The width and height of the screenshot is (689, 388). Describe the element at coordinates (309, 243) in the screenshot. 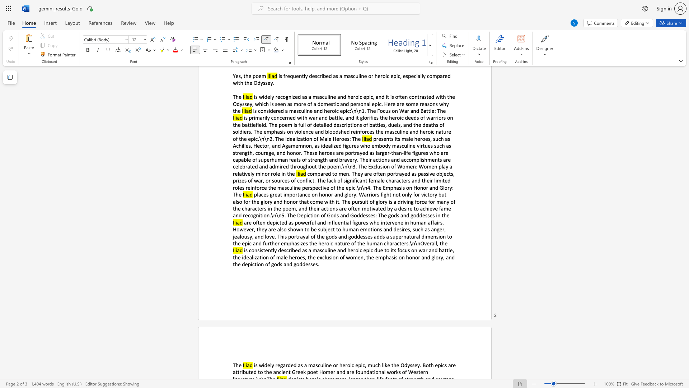

I see `the subset text "the heroic nature of the human charac" within the text "jealousy, and love. This portrayal of the gods and goddesses adds a supernatural dimension to the epic and further emphasizes the heroic nature of the human characters.\n\nOverall, the"` at that location.